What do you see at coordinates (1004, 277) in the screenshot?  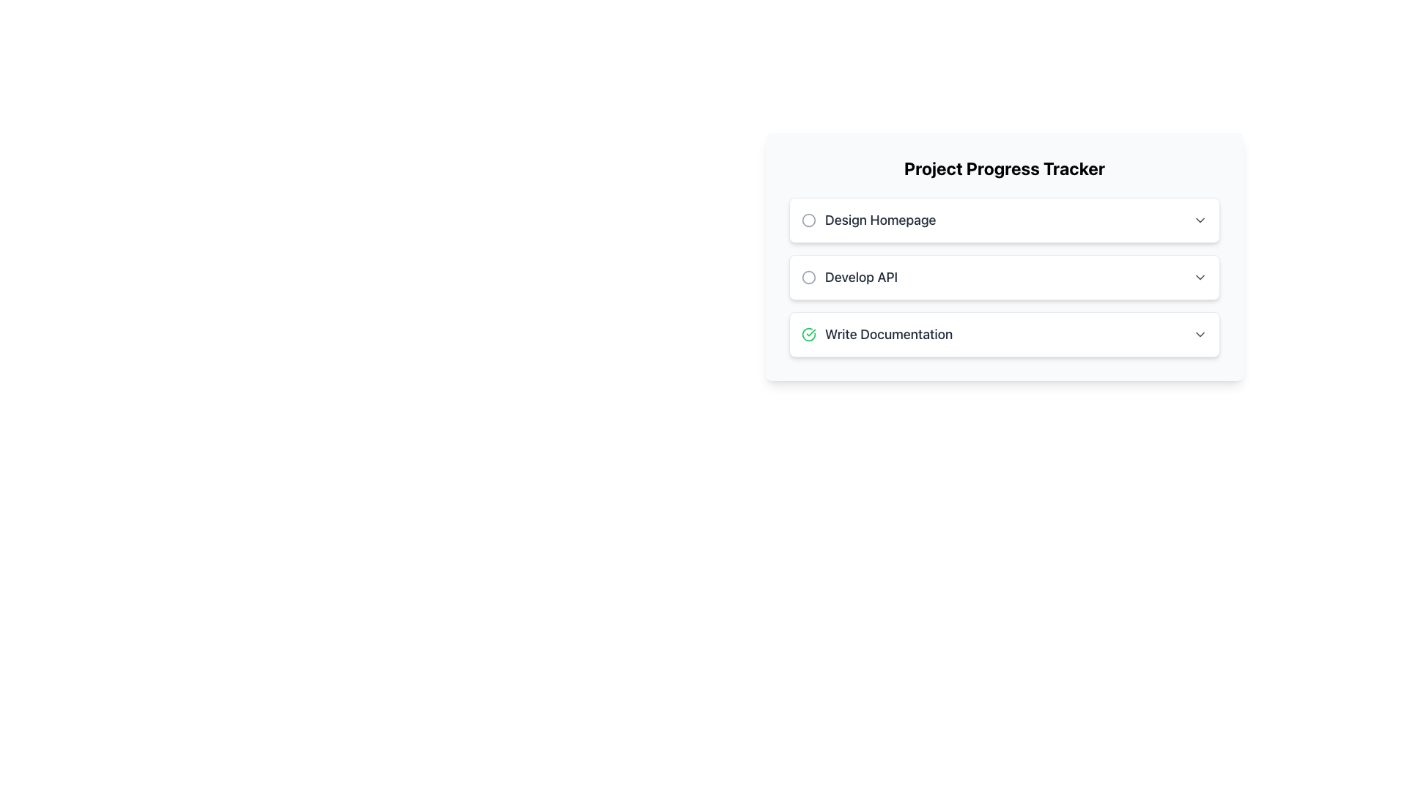 I see `the task item labeled 'Develop API'` at bounding box center [1004, 277].